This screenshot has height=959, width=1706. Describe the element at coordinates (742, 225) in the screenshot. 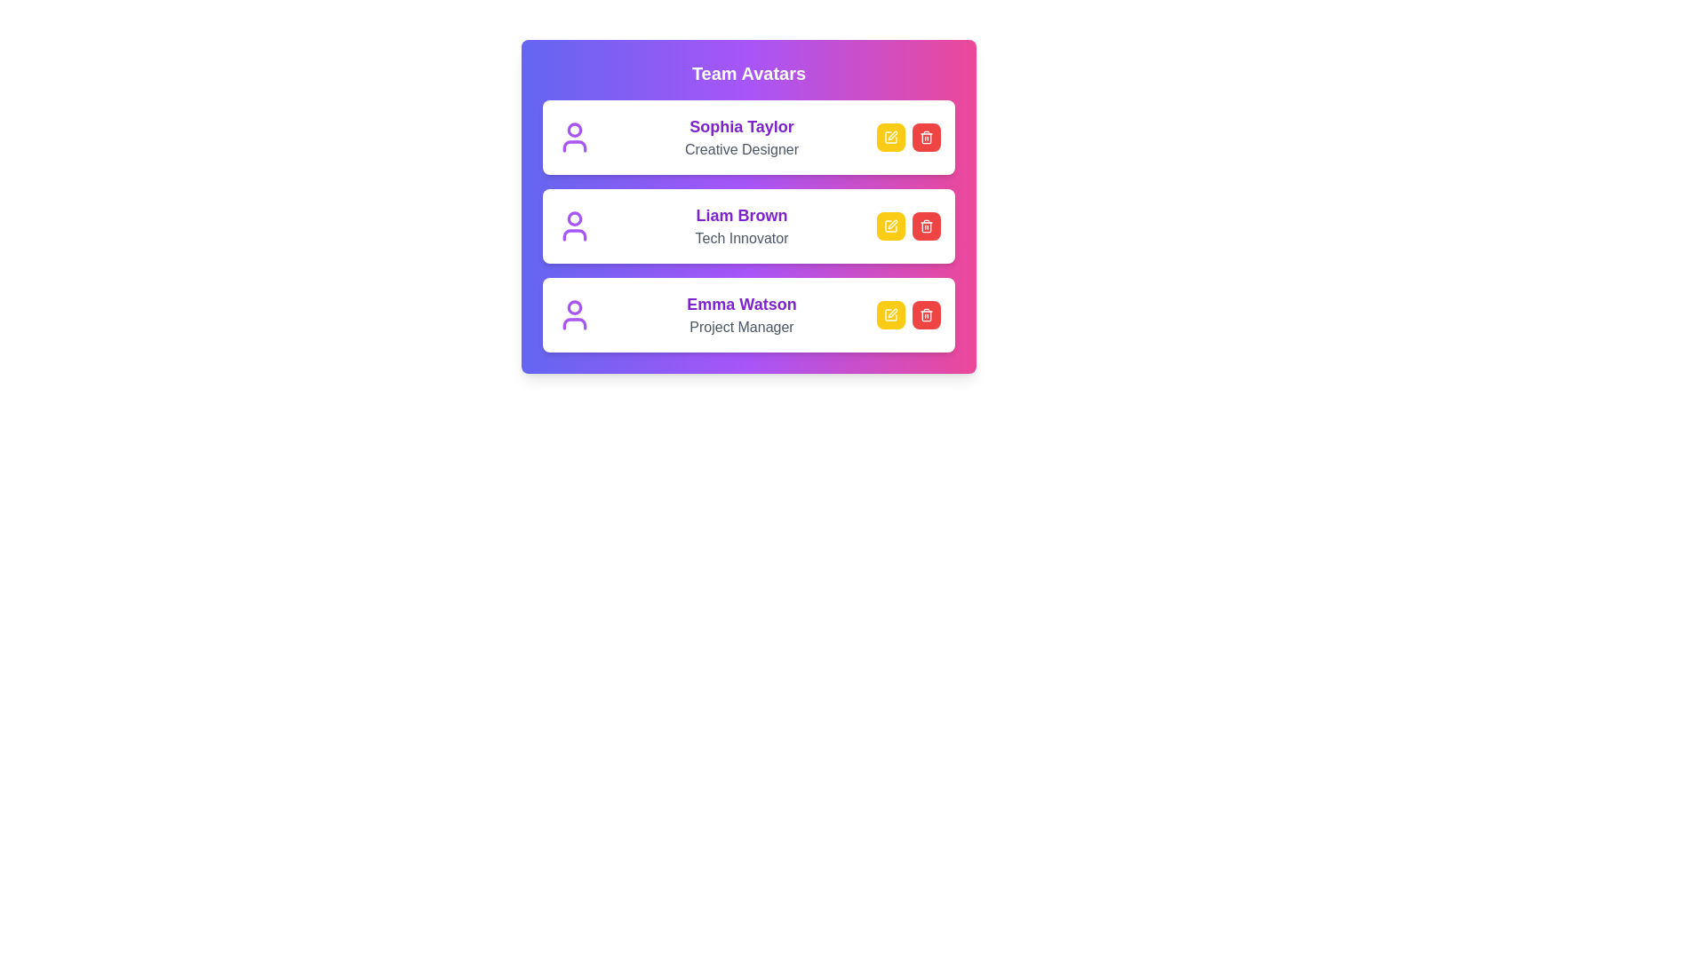

I see `the Text Label in the second position of the vertically stacked list within the rounded rectangular card, which provides information about an individual including their name and title` at that location.